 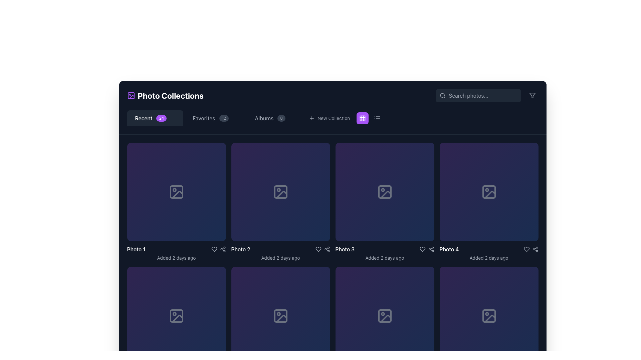 What do you see at coordinates (449, 249) in the screenshot?
I see `the Text label that identifies the fourth photo in the gallery, positioned above the metadata text 'Added 2 days ago'` at bounding box center [449, 249].